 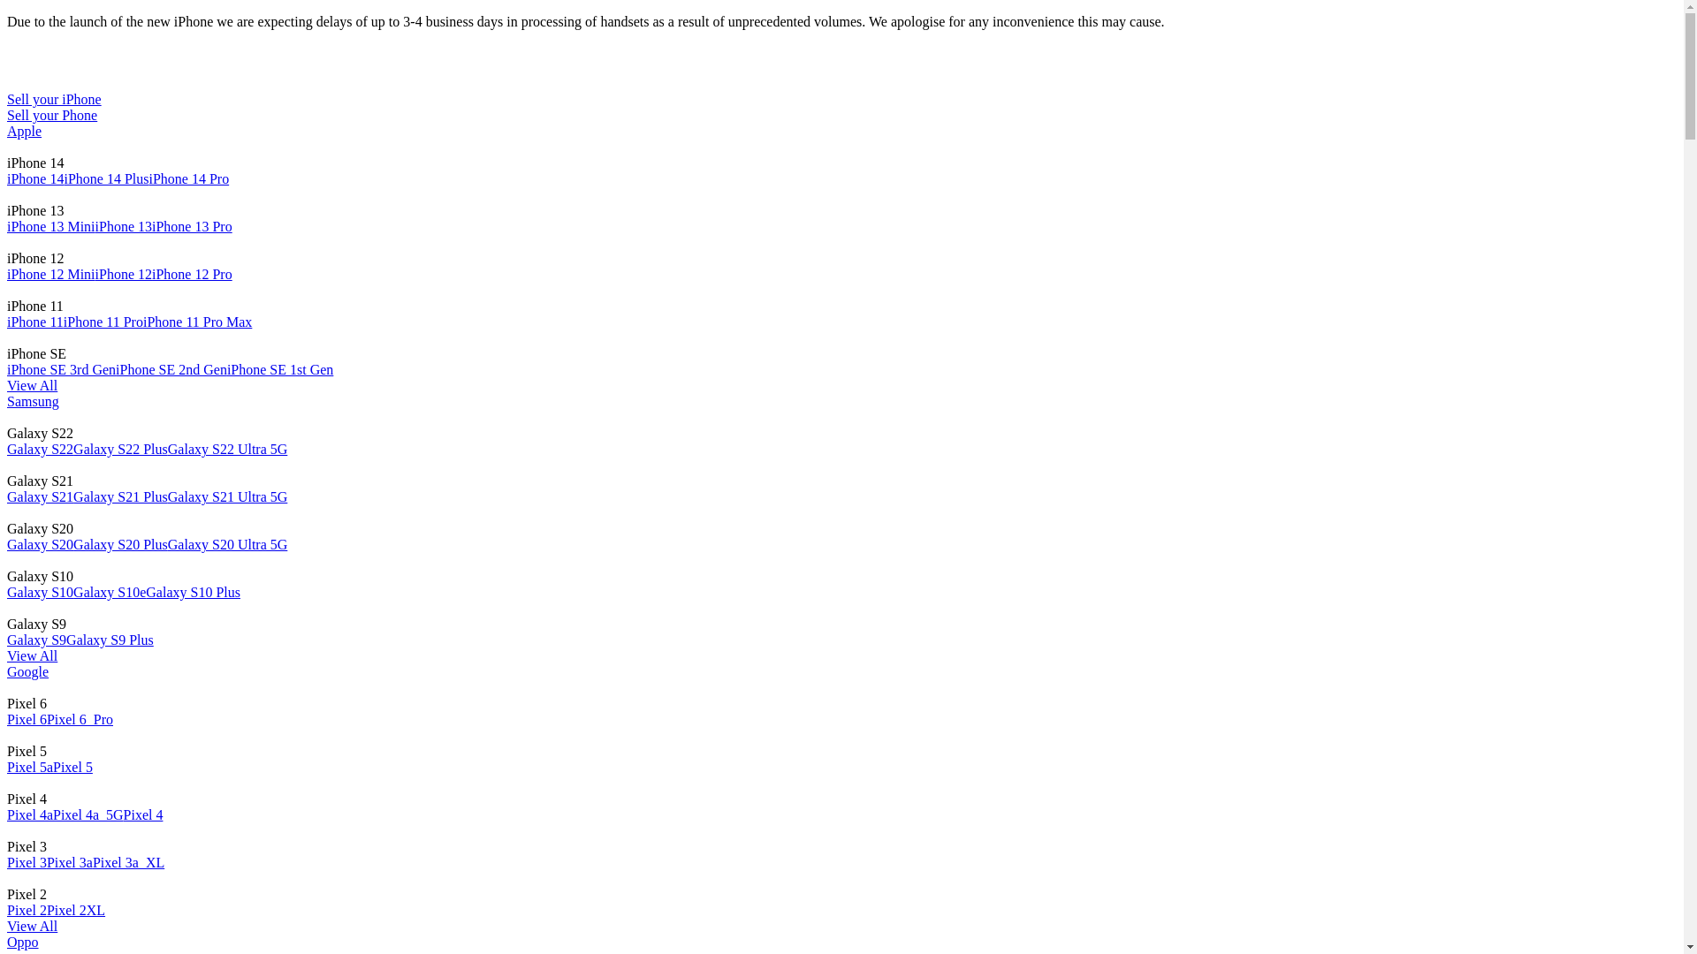 I want to click on 'Galaxy S21 Ultra 5G', so click(x=227, y=496).